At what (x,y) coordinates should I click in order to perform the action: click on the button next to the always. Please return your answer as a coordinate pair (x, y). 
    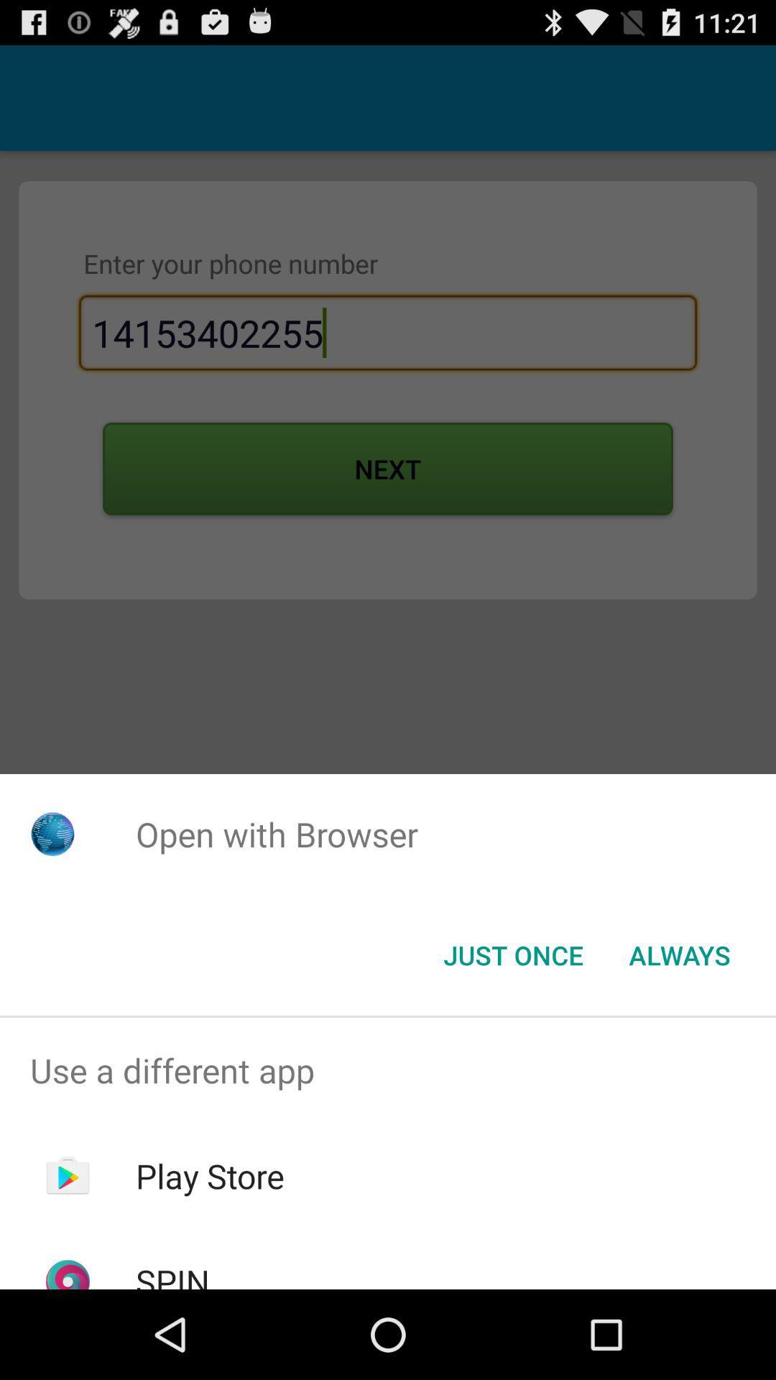
    Looking at the image, I should click on (512, 955).